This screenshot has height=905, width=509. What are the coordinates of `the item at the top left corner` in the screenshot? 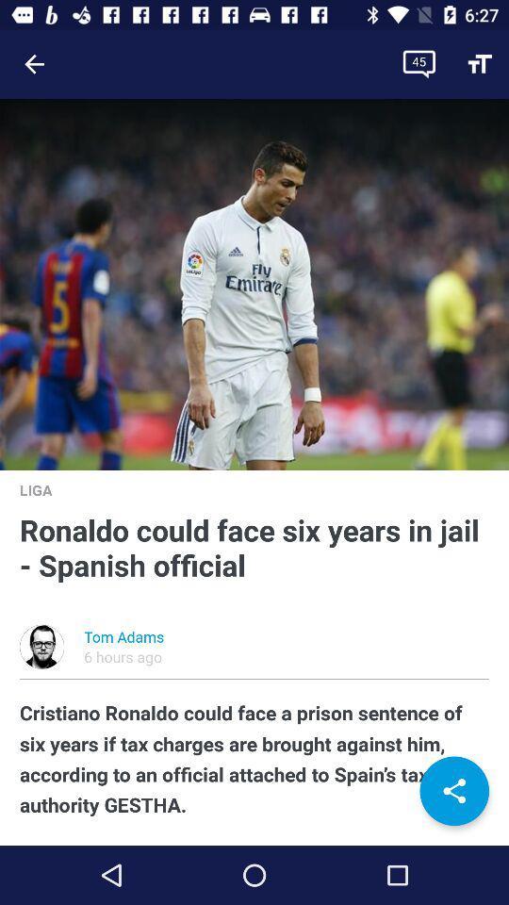 It's located at (34, 64).